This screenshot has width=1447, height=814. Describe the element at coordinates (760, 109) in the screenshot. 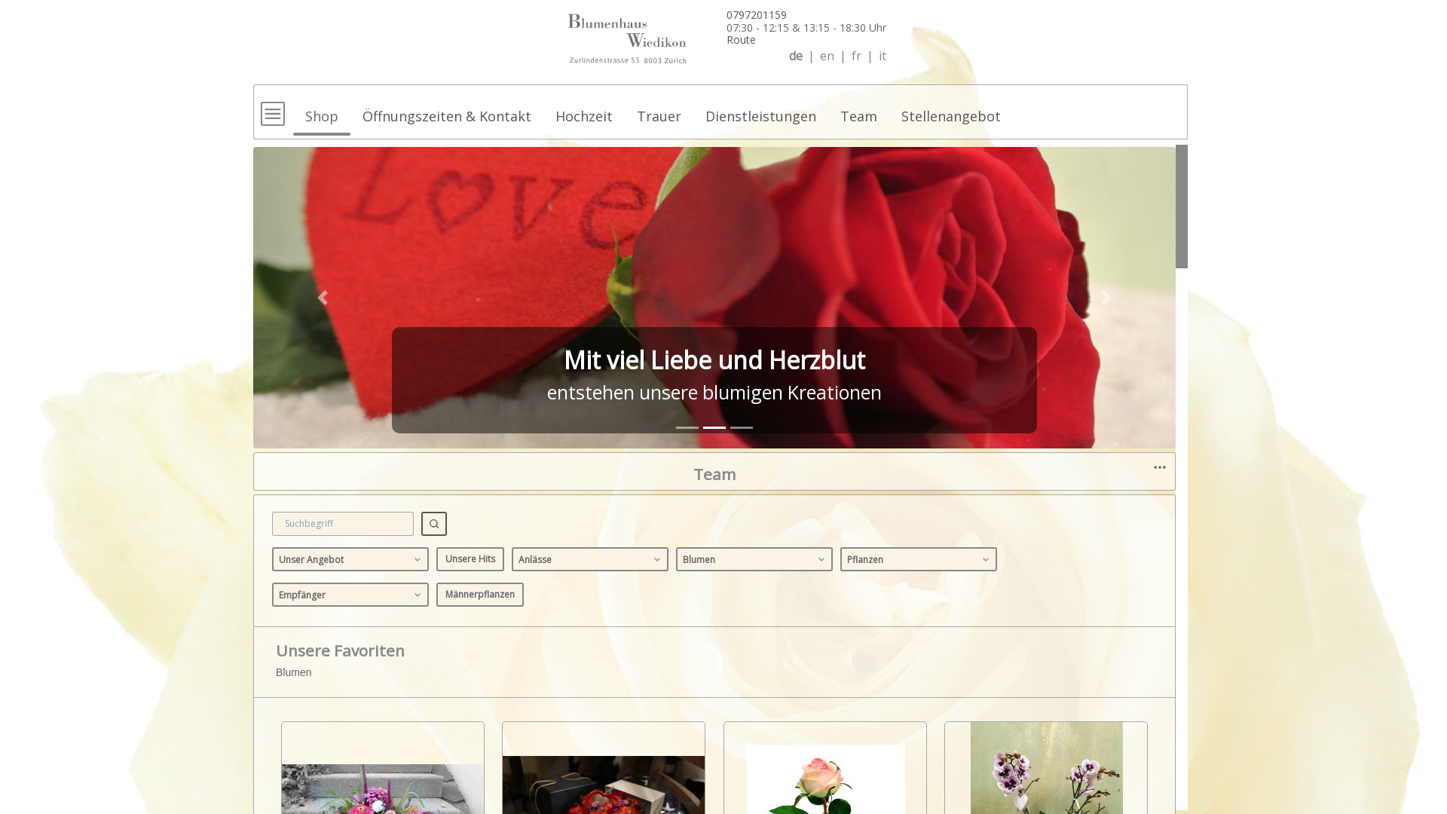

I see `'Dienstleistungen'` at that location.